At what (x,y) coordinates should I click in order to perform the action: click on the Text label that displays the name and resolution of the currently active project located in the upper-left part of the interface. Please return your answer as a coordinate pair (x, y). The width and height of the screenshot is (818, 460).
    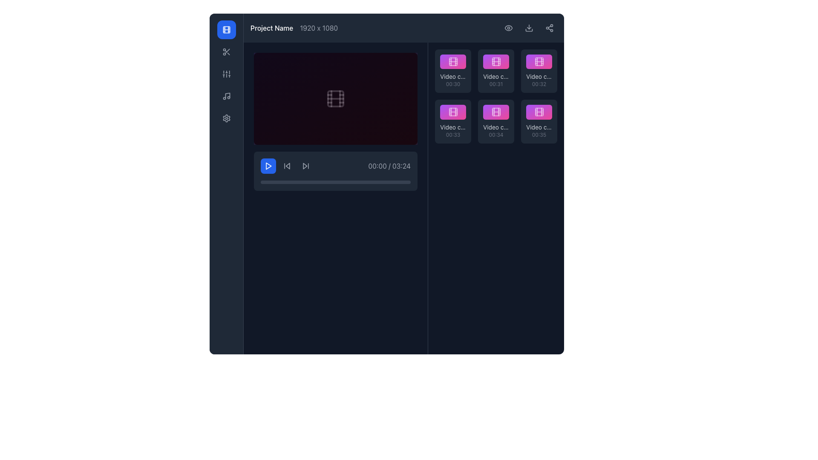
    Looking at the image, I should click on (294, 27).